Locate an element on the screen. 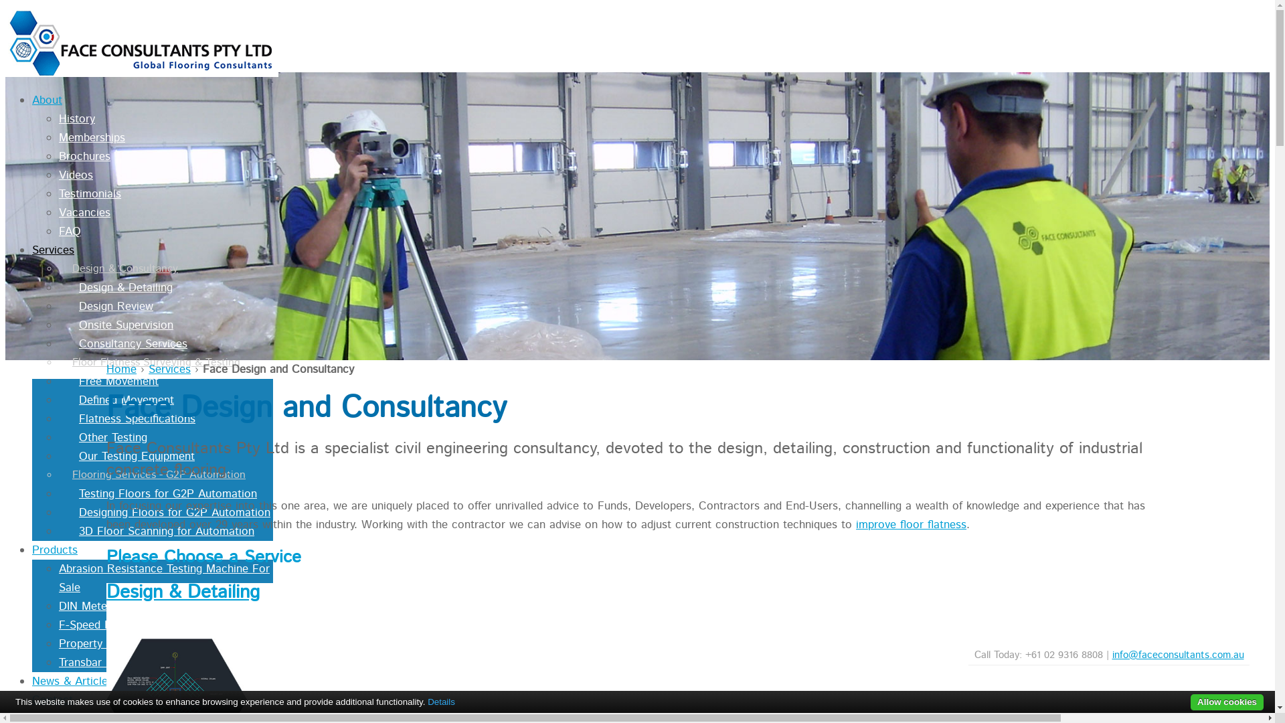  'F-Speed Reader For Sale' is located at coordinates (122, 625).